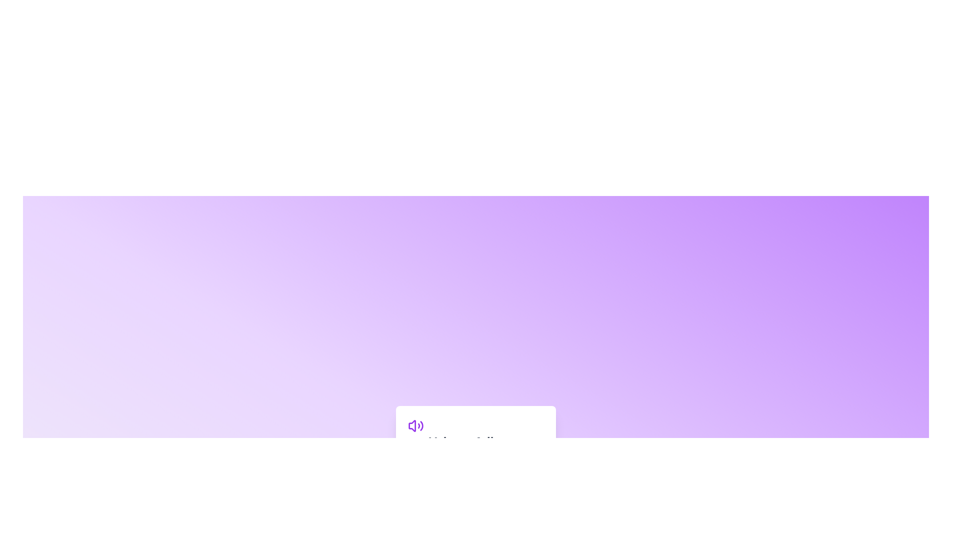  I want to click on the volume slider to set the volume to 73, so click(507, 464).